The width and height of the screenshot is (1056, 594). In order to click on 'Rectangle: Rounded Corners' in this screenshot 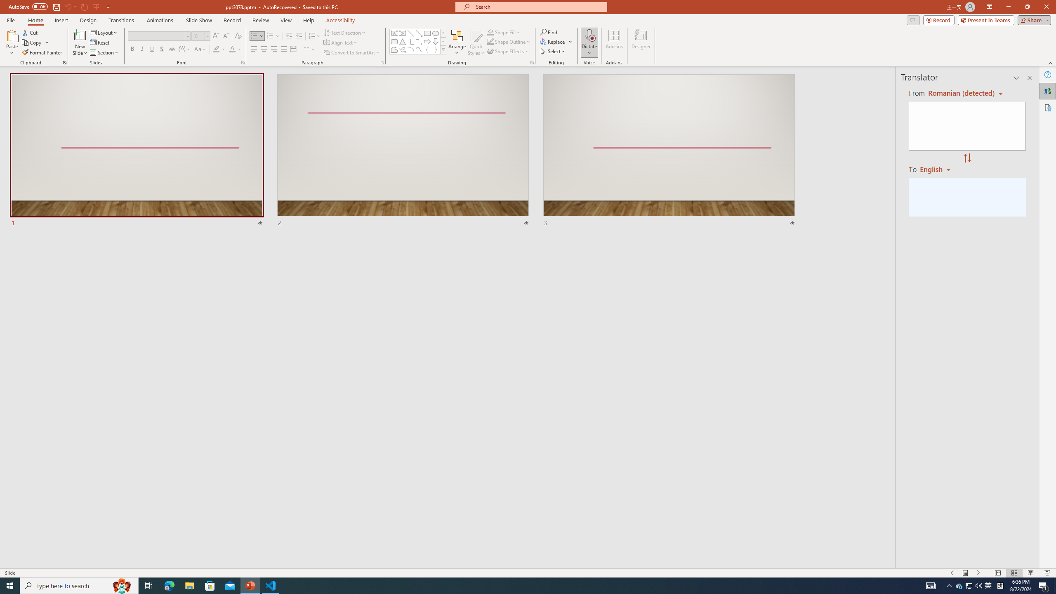, I will do `click(394, 41)`.